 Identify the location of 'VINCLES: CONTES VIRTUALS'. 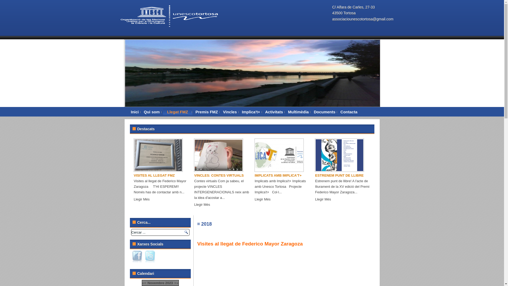
(194, 176).